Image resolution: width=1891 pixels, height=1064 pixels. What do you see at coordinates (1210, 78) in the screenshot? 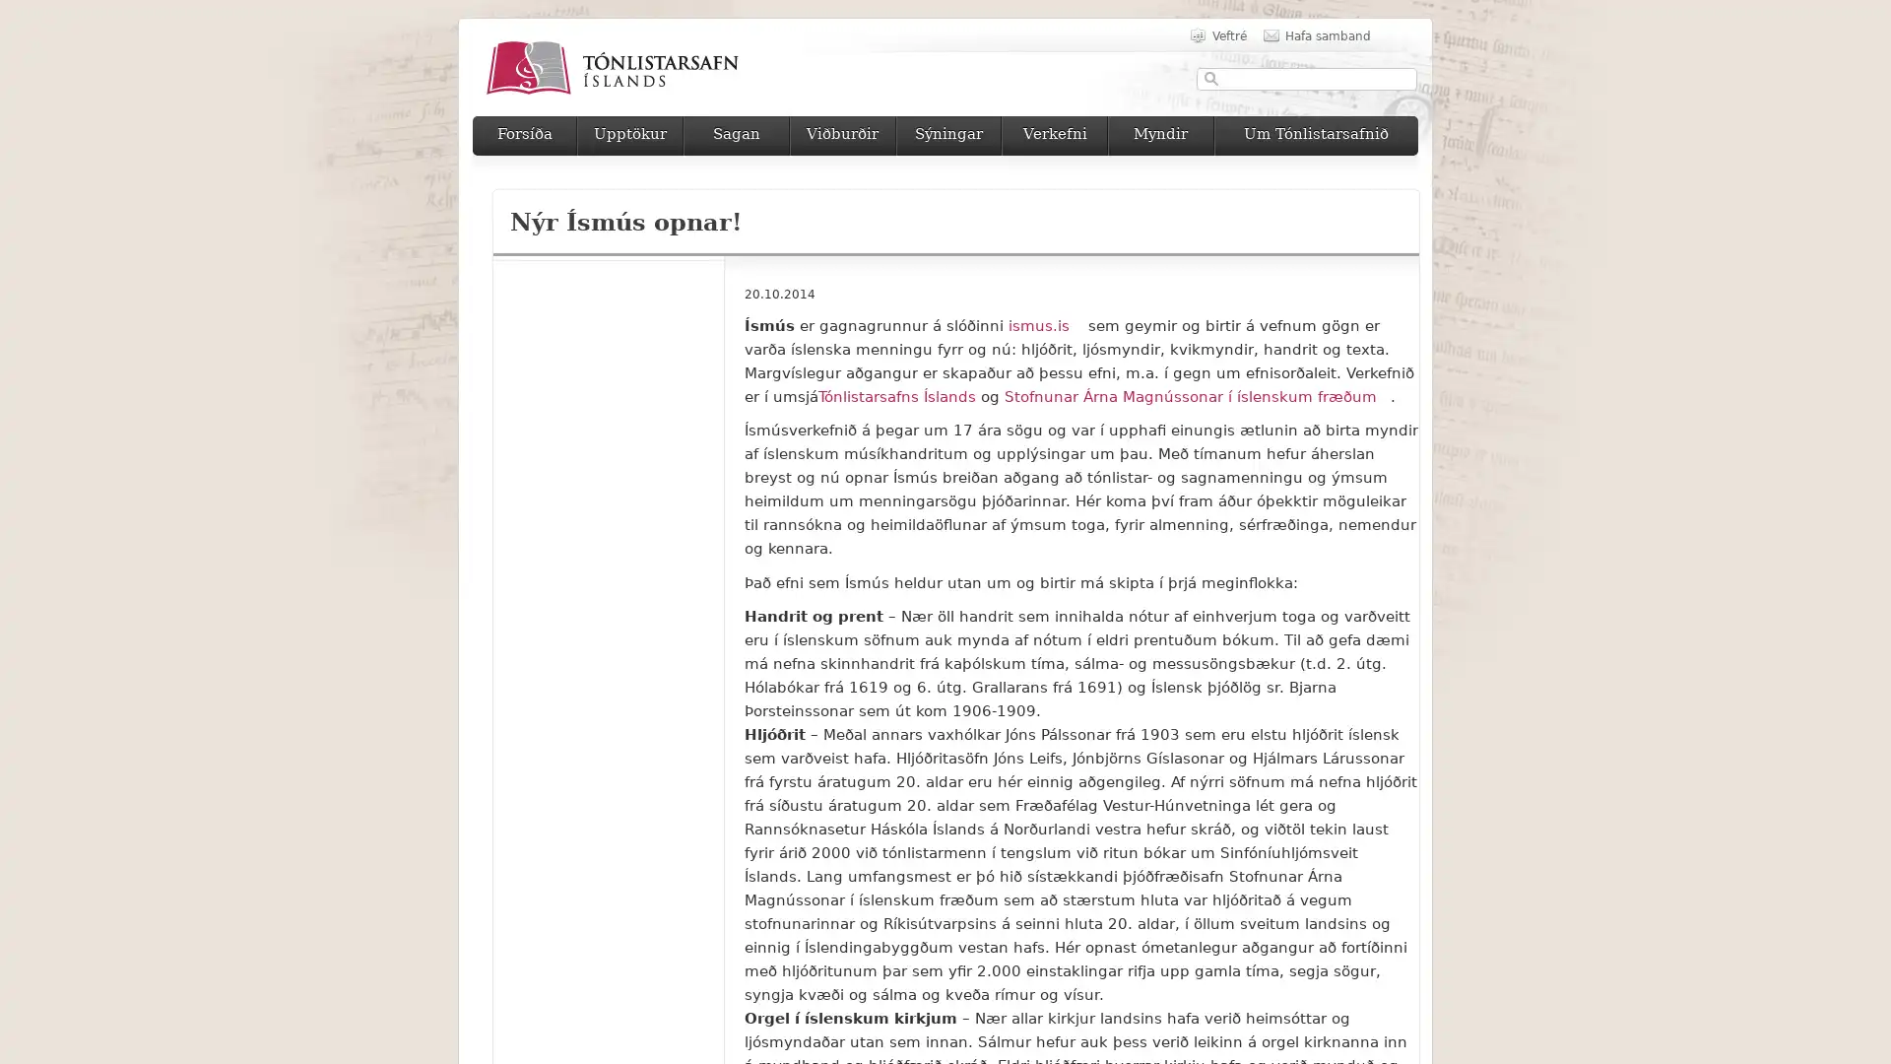
I see `Leita` at bounding box center [1210, 78].